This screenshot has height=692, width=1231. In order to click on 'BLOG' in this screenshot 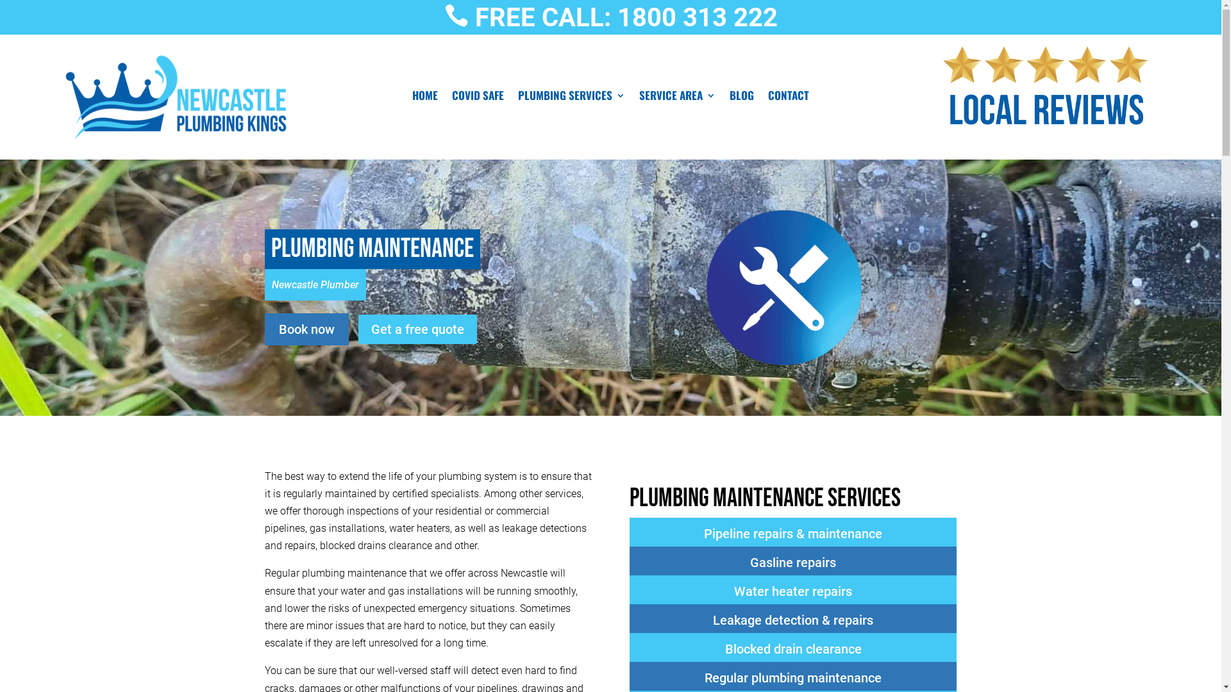, I will do `click(729, 97)`.